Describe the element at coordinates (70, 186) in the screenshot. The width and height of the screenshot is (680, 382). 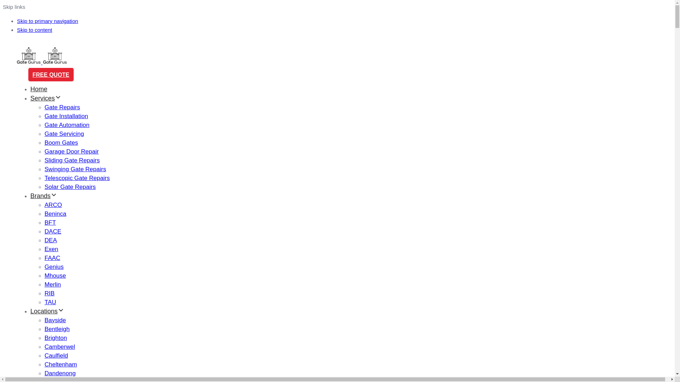
I see `'Solar Gate Repairs'` at that location.